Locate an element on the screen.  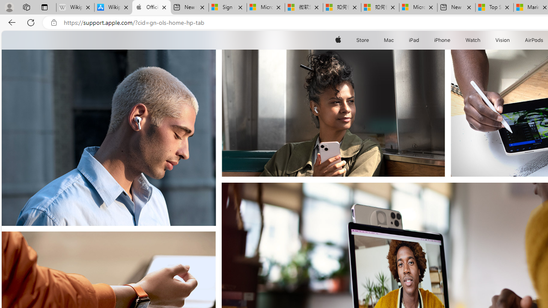
'Microsoft Services Agreement' is located at coordinates (265, 7).